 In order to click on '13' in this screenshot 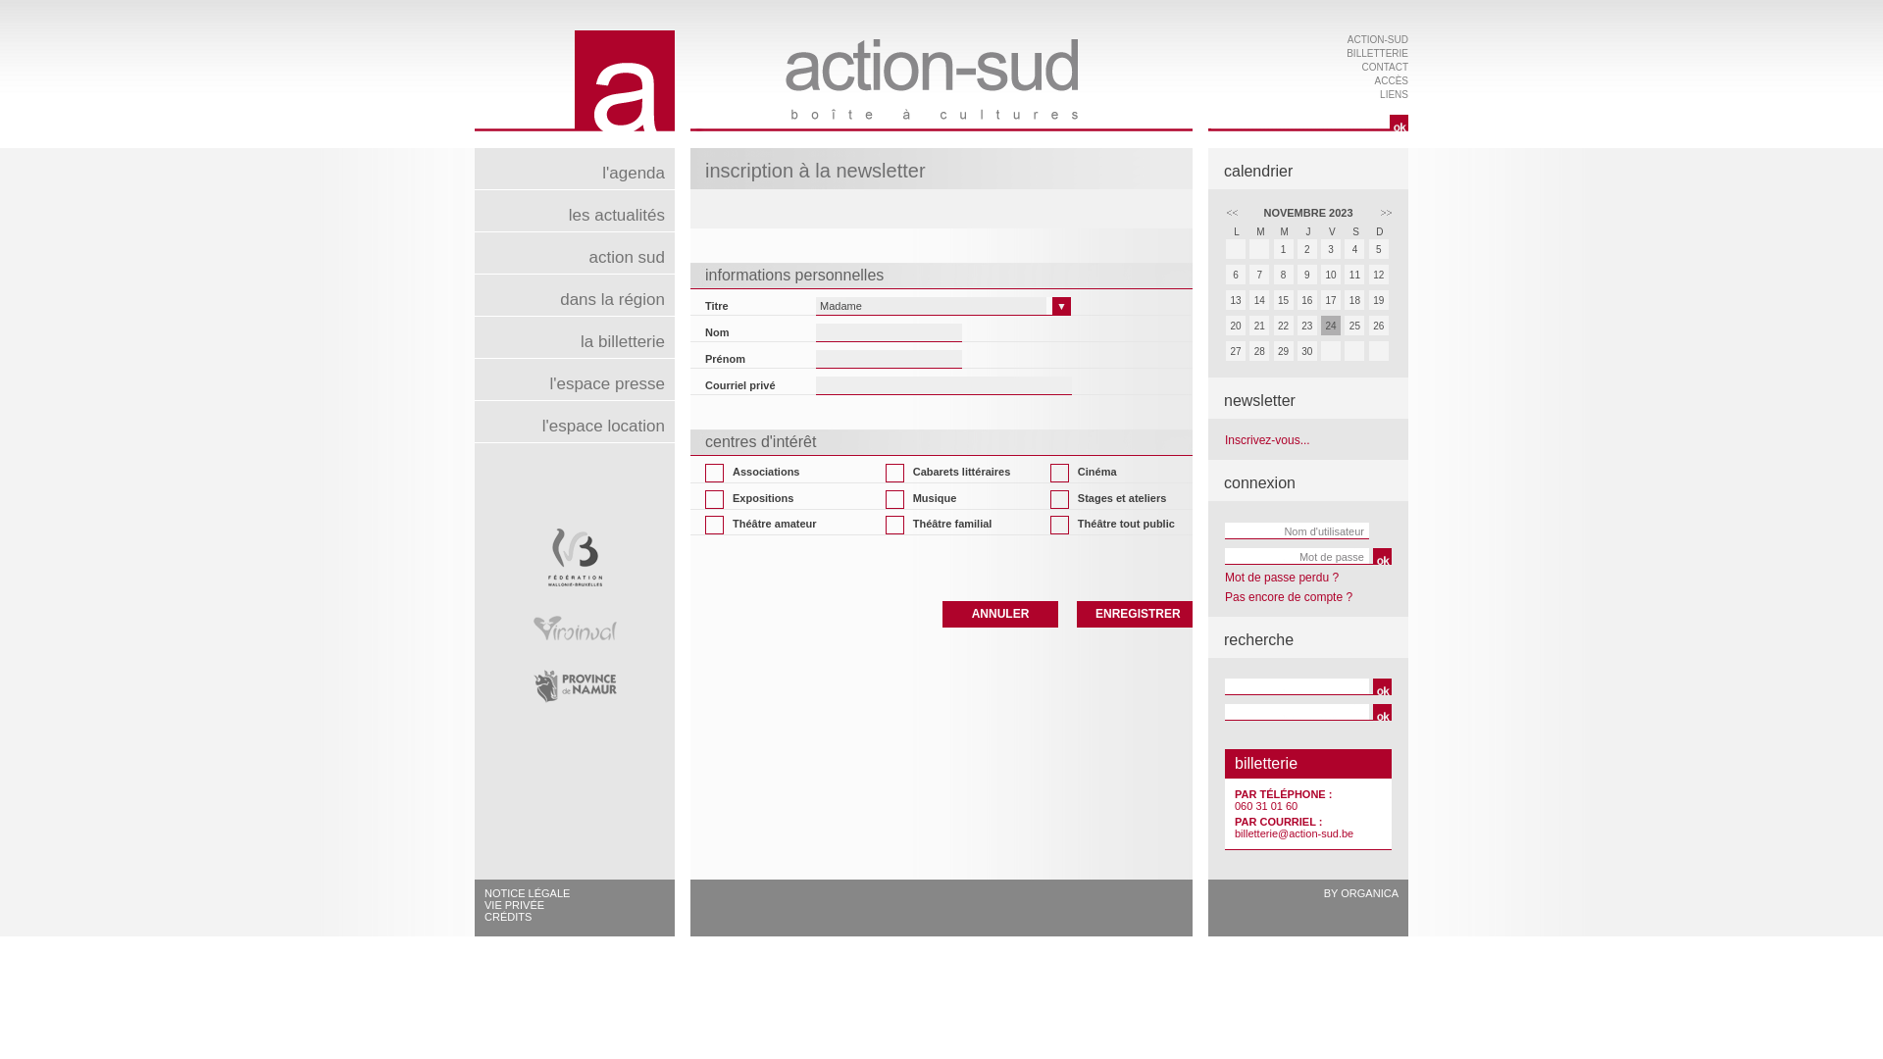, I will do `click(1234, 299)`.